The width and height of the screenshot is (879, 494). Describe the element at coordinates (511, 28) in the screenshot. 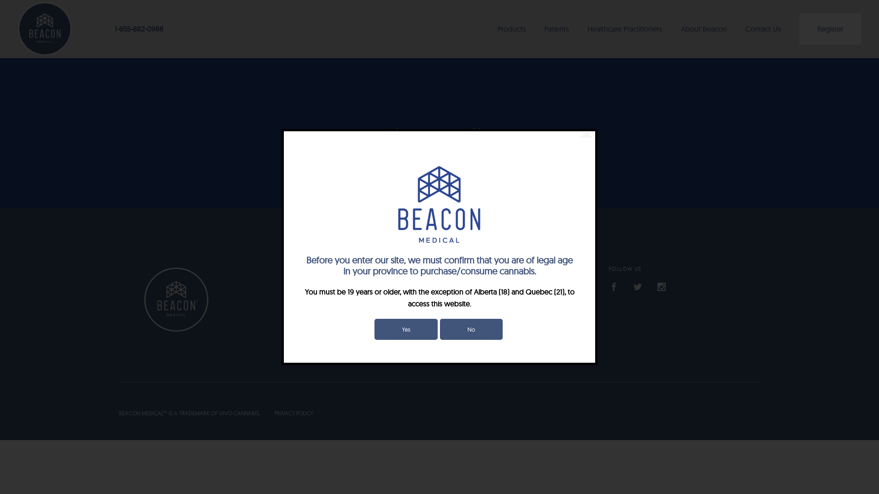

I see `'Products'` at that location.